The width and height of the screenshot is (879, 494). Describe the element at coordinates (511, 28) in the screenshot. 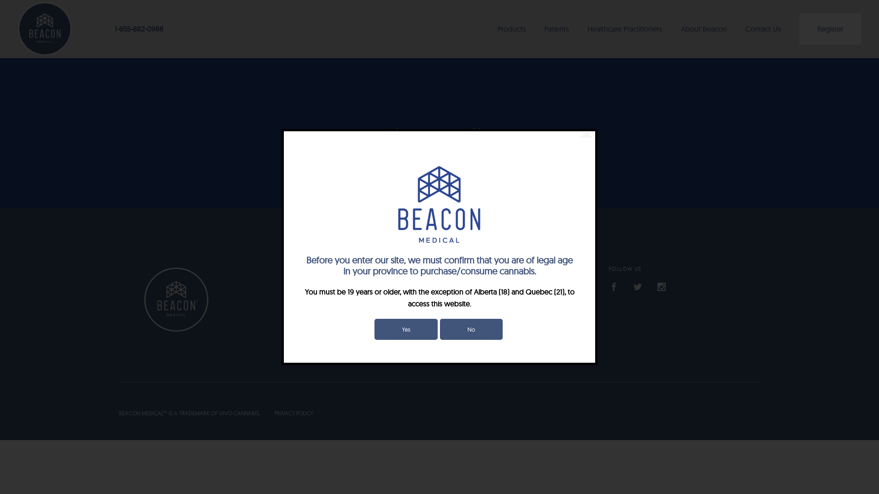

I see `'Products'` at that location.